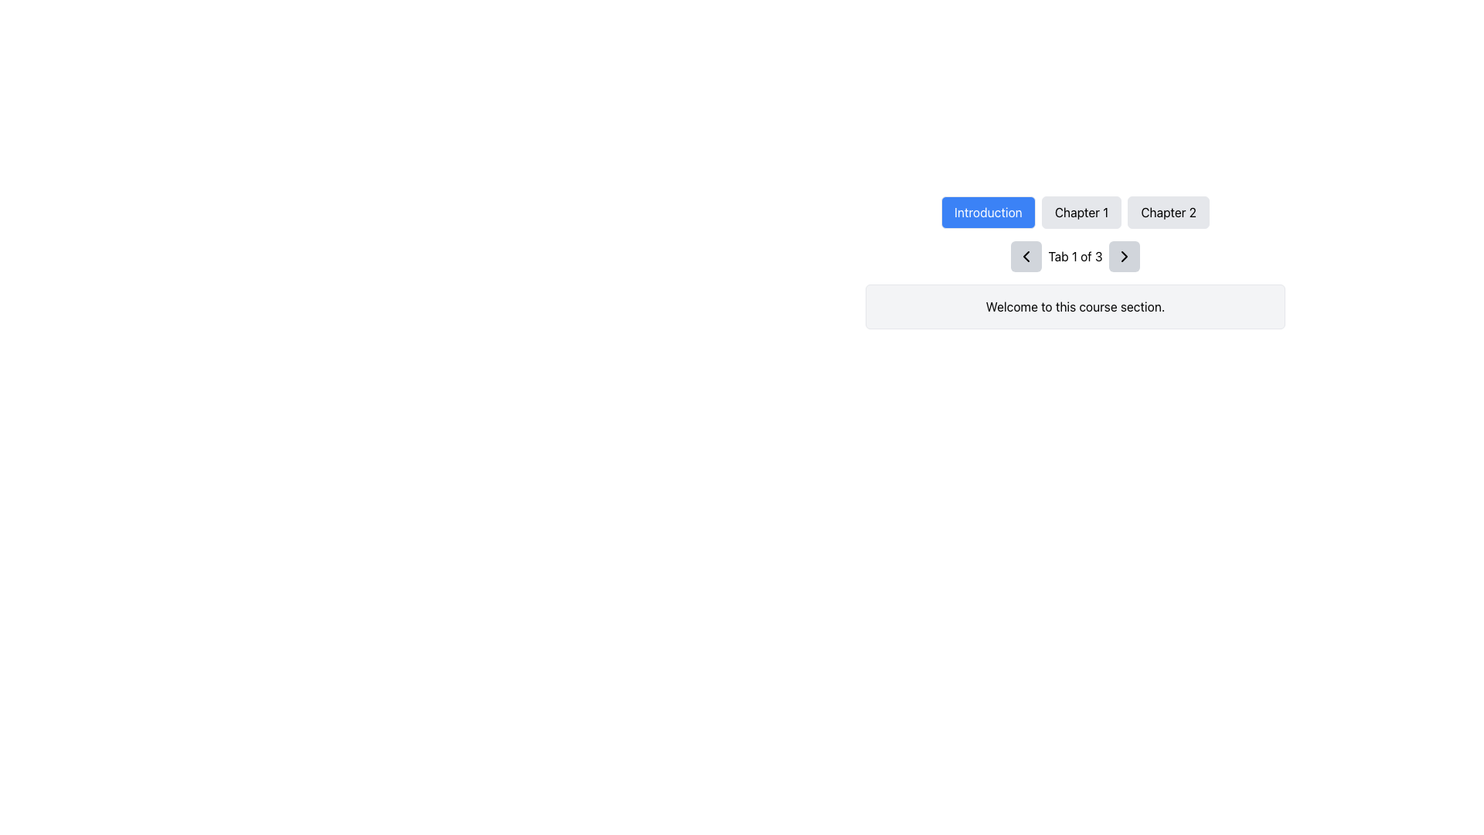 The width and height of the screenshot is (1484, 835). Describe the element at coordinates (1124, 255) in the screenshot. I see `the interactive control icon located to the right of the 'Tab 1 of 3' text label` at that location.